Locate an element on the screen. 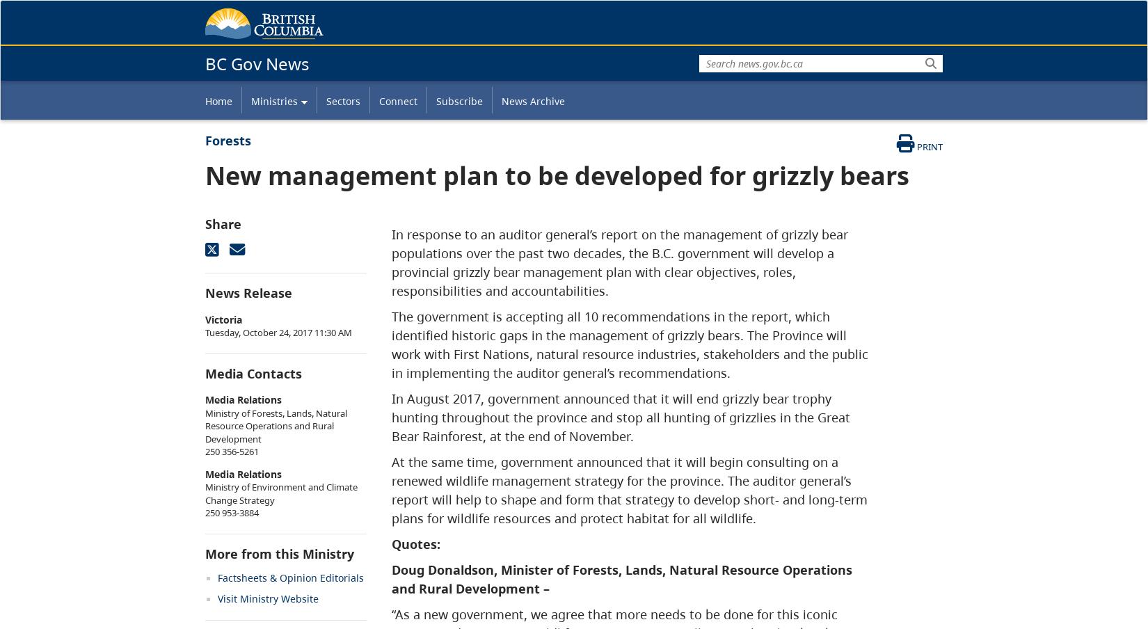 This screenshot has width=1148, height=629. 'Ministry of Forests, Lands, Natural Resource Operations and Rural Development' is located at coordinates (276, 424).